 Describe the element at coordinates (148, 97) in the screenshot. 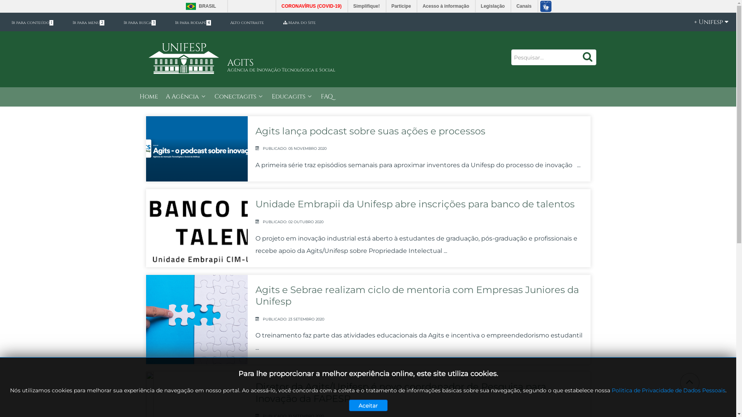

I see `'Home'` at that location.